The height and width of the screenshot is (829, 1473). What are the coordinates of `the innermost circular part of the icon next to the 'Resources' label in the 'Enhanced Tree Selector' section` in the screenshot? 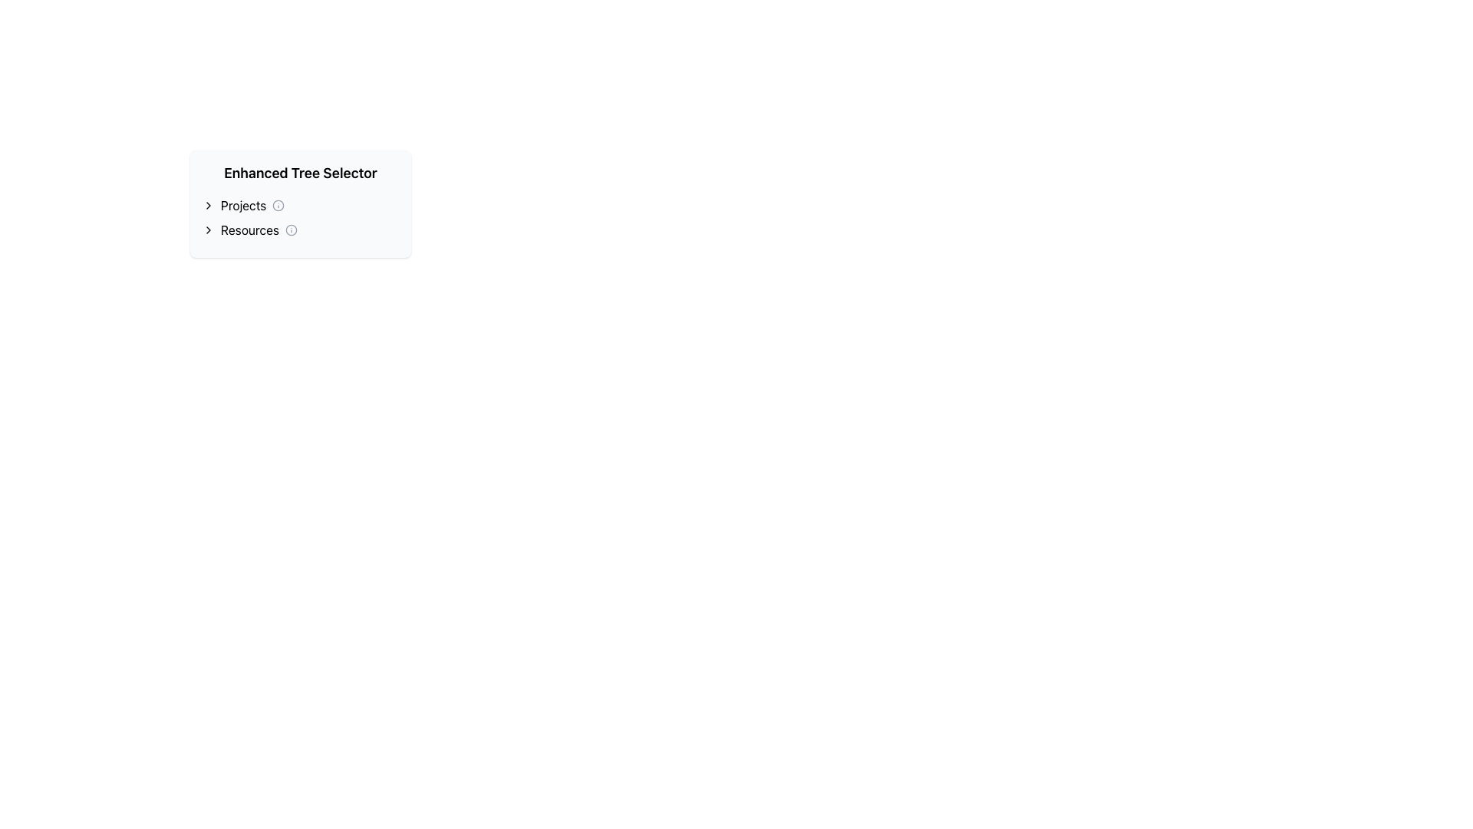 It's located at (291, 230).